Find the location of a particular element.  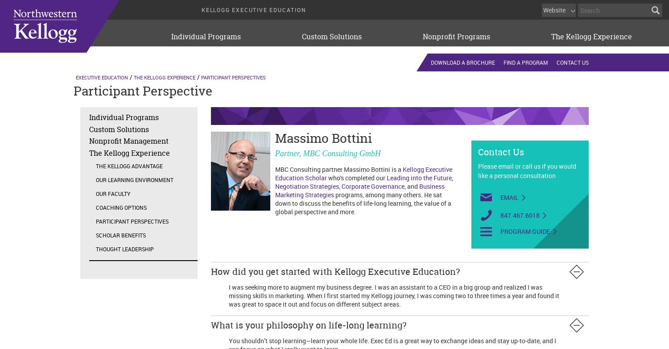

'Email' is located at coordinates (509, 197).